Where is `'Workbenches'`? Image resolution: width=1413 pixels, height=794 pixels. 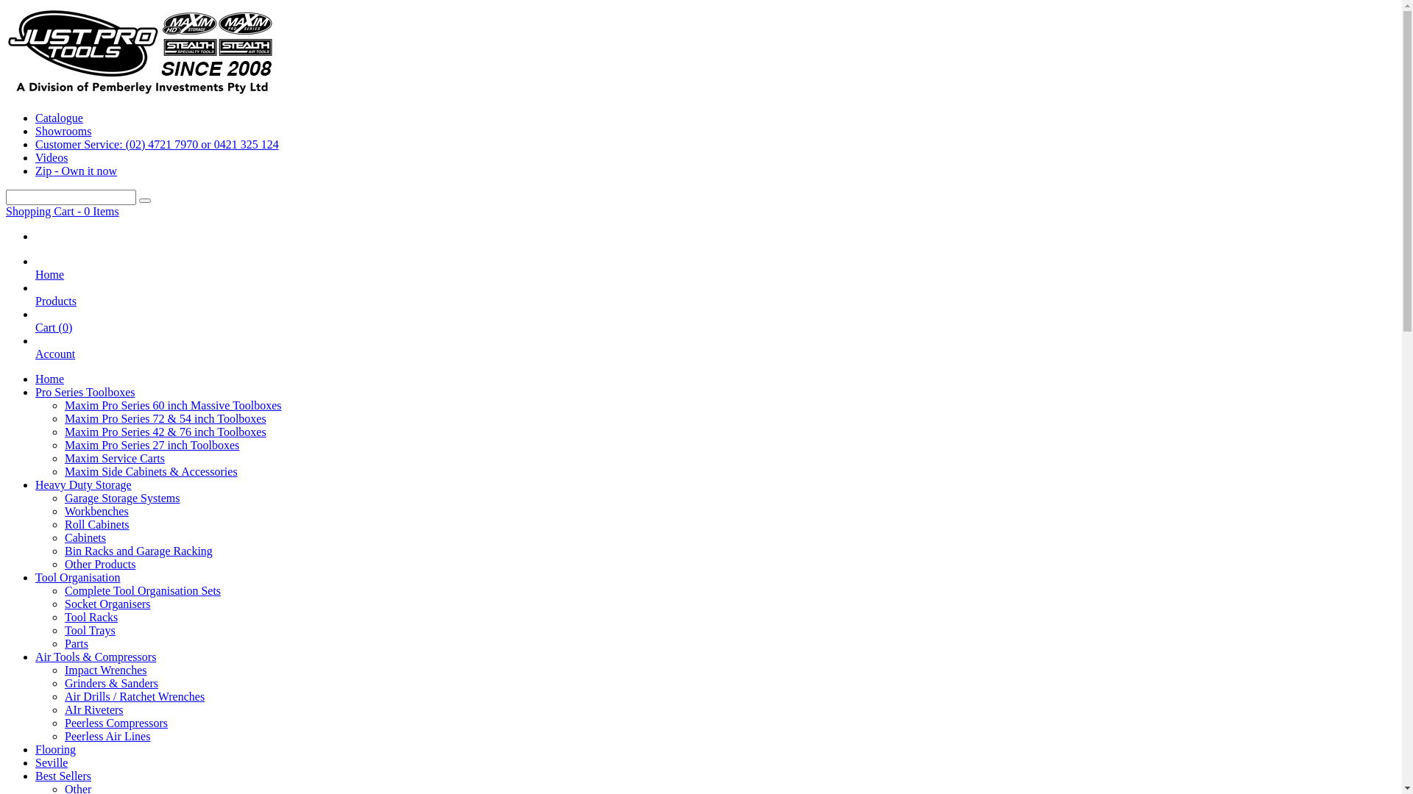 'Workbenches' is located at coordinates (96, 510).